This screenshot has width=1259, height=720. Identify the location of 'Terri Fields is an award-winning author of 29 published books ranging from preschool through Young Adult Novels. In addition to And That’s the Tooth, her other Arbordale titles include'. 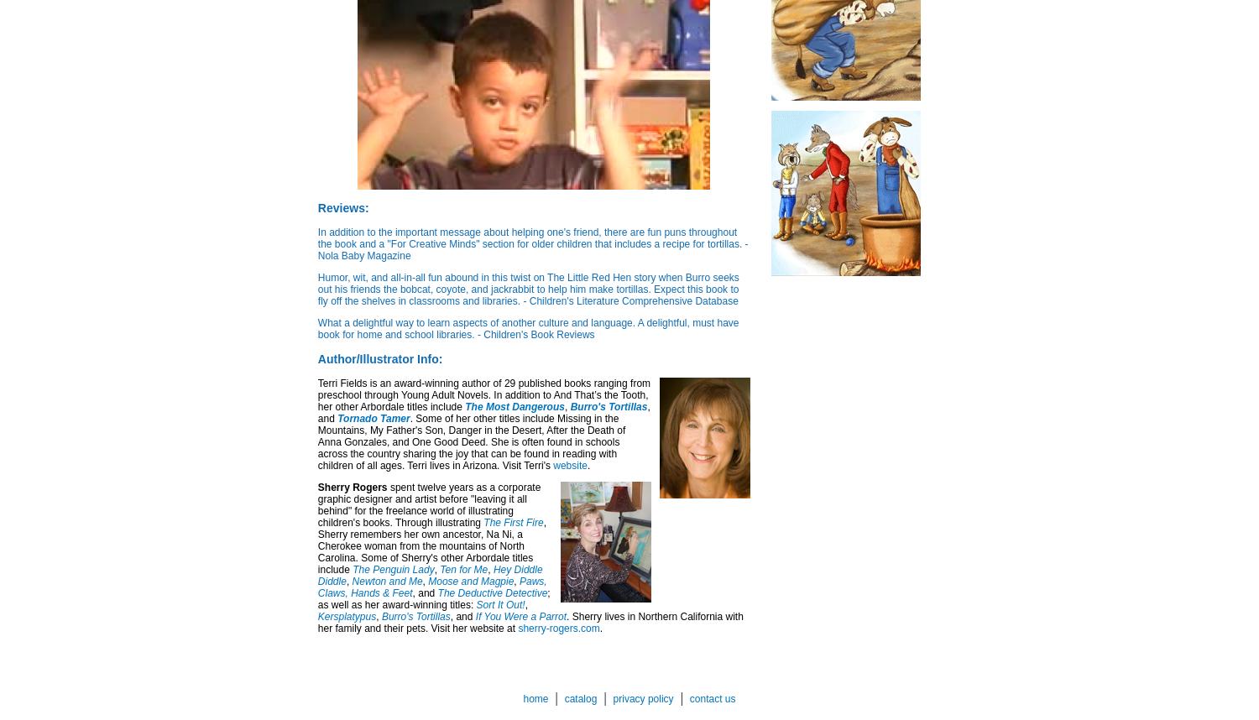
(317, 395).